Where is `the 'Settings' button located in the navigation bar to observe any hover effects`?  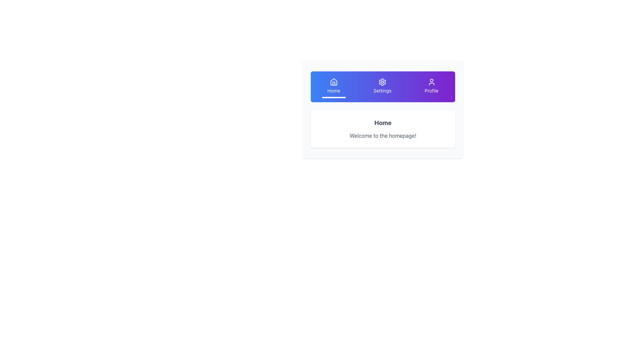
the 'Settings' button located in the navigation bar to observe any hover effects is located at coordinates (382, 86).